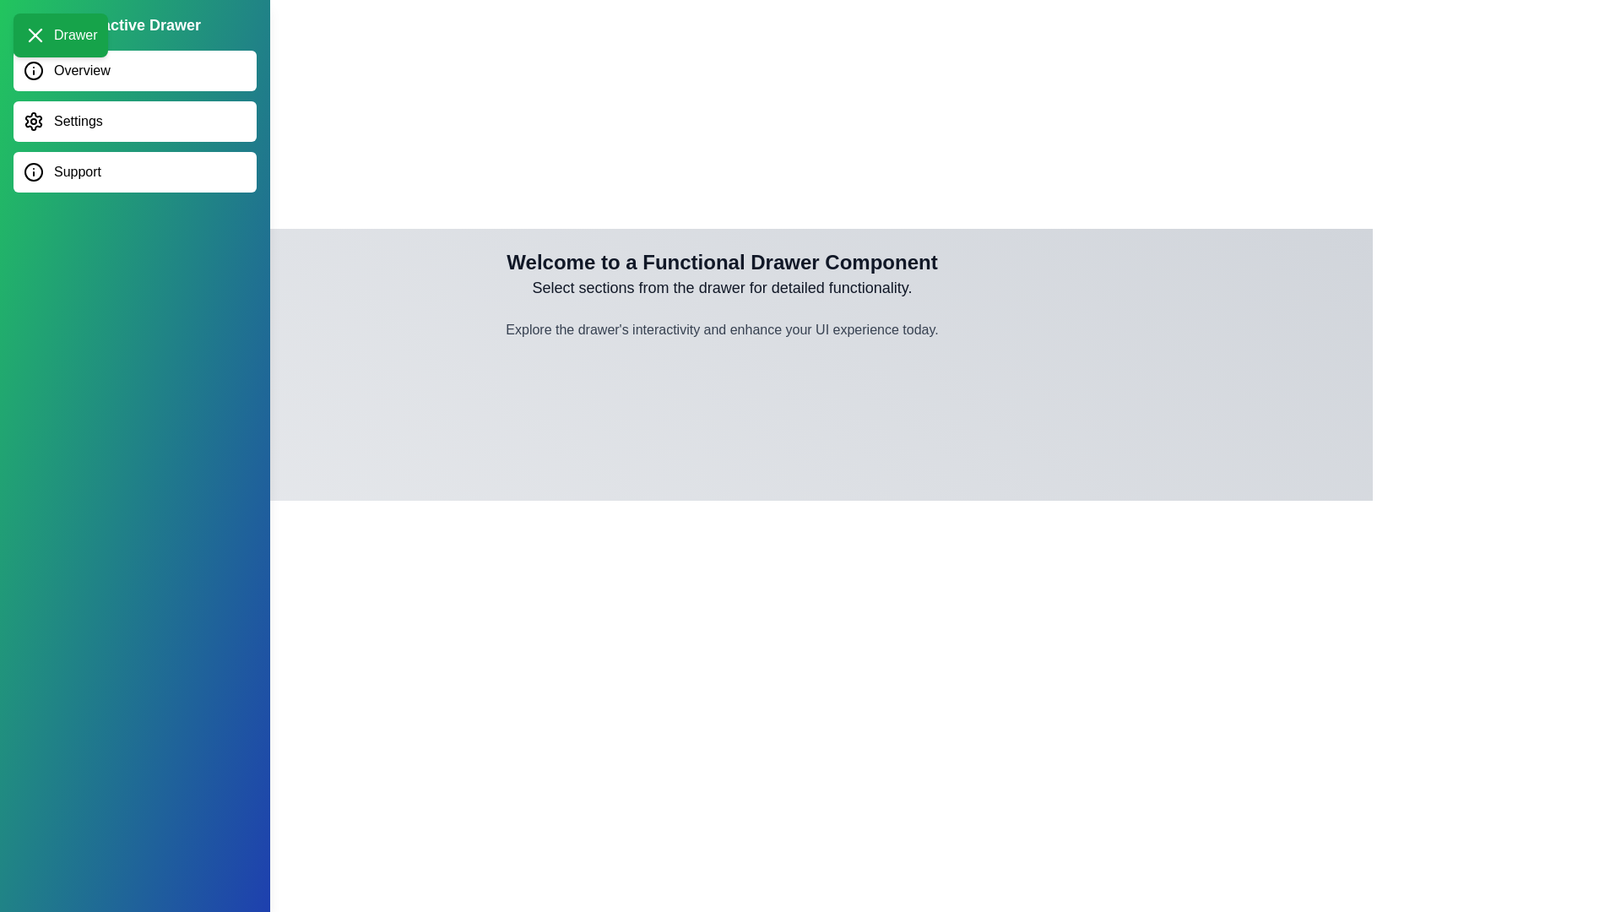  Describe the element at coordinates (133, 172) in the screenshot. I see `the Support section in the drawer menu` at that location.